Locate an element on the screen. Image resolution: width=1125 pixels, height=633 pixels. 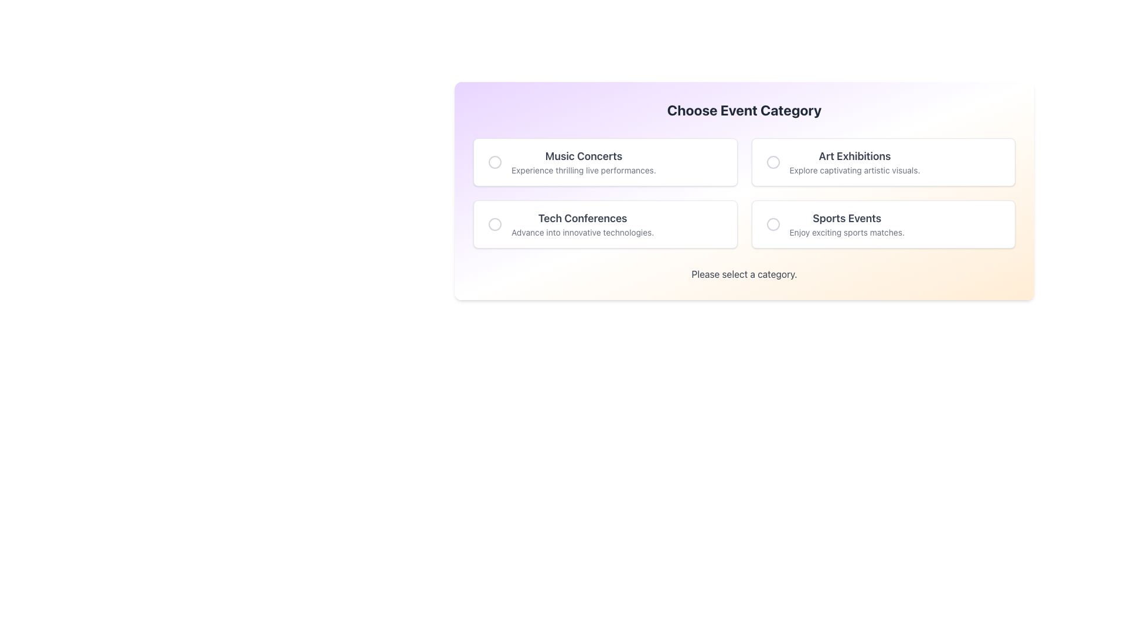
circular radio button indicator located within the 'Art Exhibitions' card, positioned to the left of the title is located at coordinates (773, 162).